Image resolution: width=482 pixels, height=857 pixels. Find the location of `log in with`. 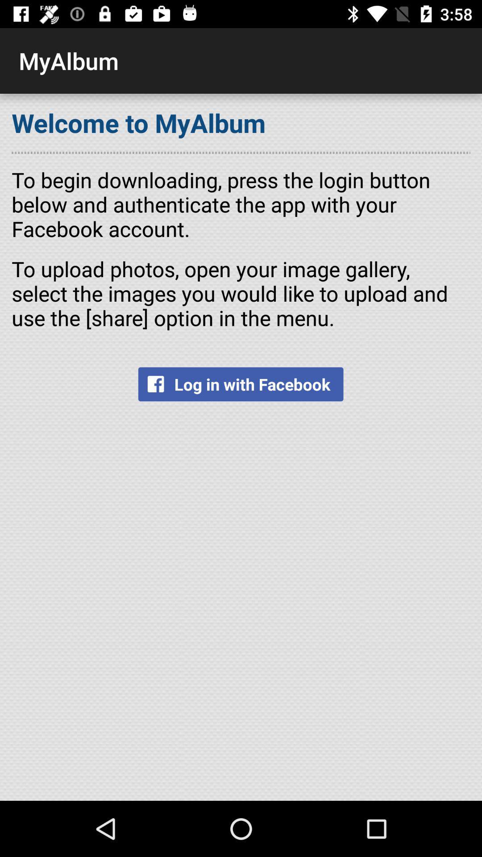

log in with is located at coordinates (240, 384).